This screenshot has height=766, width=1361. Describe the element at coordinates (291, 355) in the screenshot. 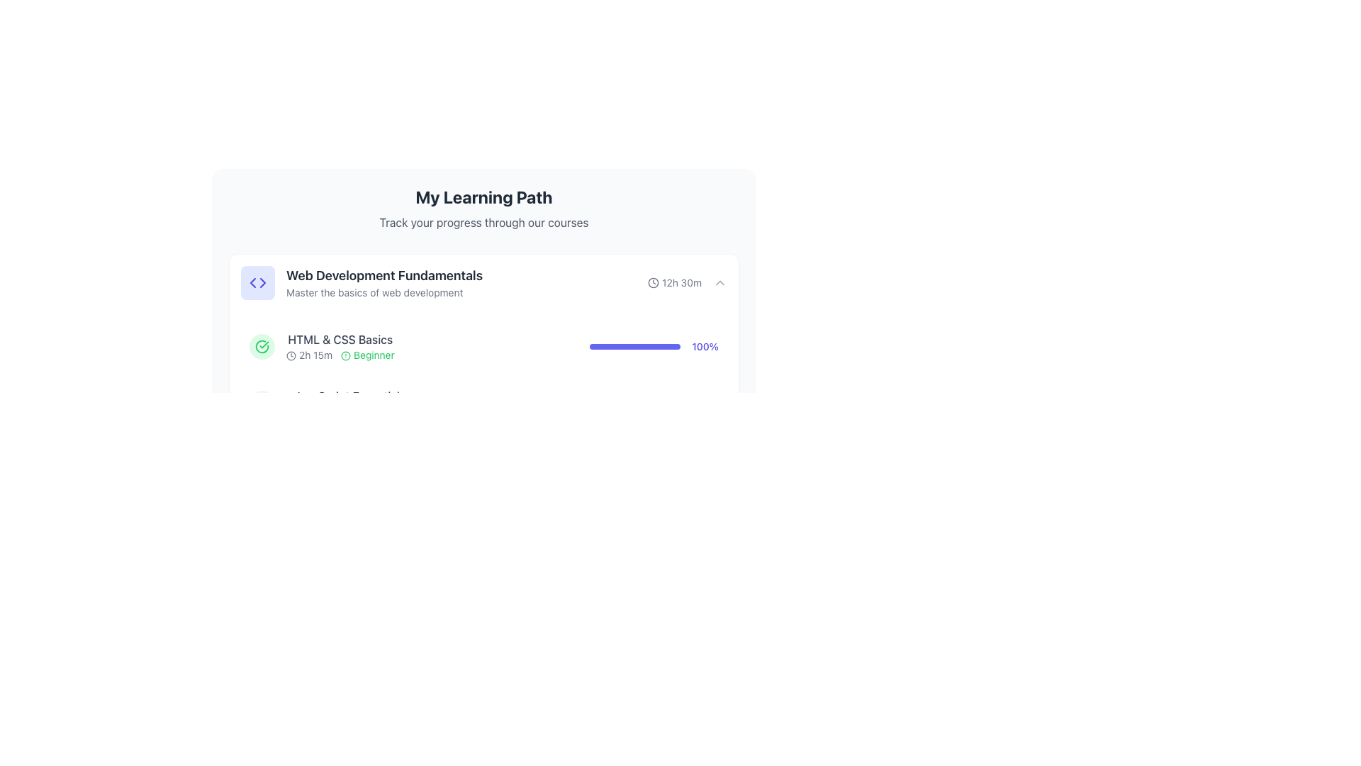

I see `the clock icon representing the duration of the course, which is part of the module list under the 'Web Development Fundamentals' header` at that location.